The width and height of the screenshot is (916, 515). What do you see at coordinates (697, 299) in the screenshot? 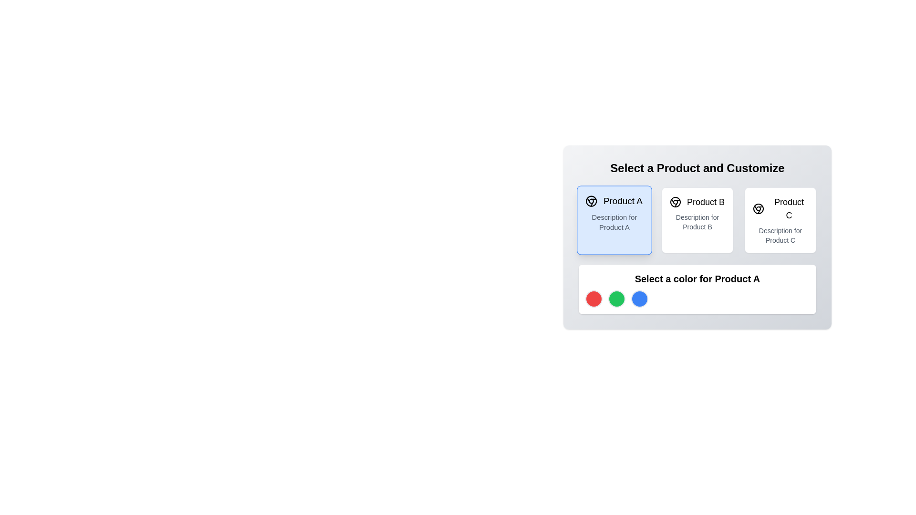
I see `the color circle in the horizontal selection menu for 'Product A'` at bounding box center [697, 299].